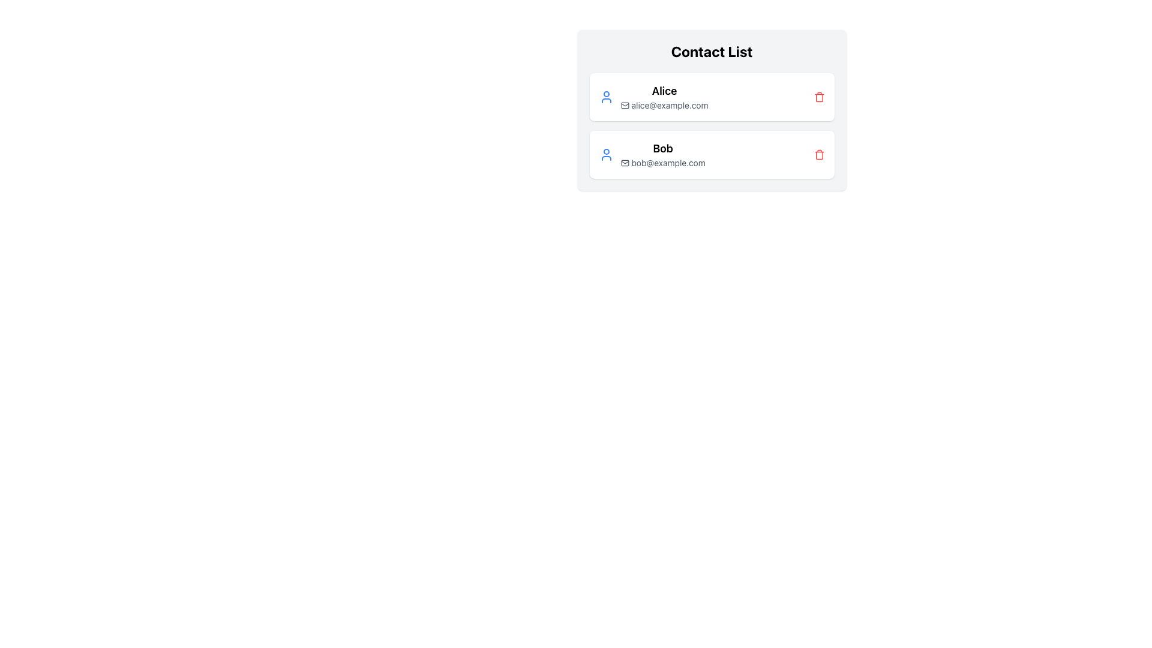 Image resolution: width=1152 pixels, height=648 pixels. Describe the element at coordinates (664, 97) in the screenshot. I see `the Composite text element displaying 'Alice' and 'alice@example.com' in the 'Contact List' section` at that location.